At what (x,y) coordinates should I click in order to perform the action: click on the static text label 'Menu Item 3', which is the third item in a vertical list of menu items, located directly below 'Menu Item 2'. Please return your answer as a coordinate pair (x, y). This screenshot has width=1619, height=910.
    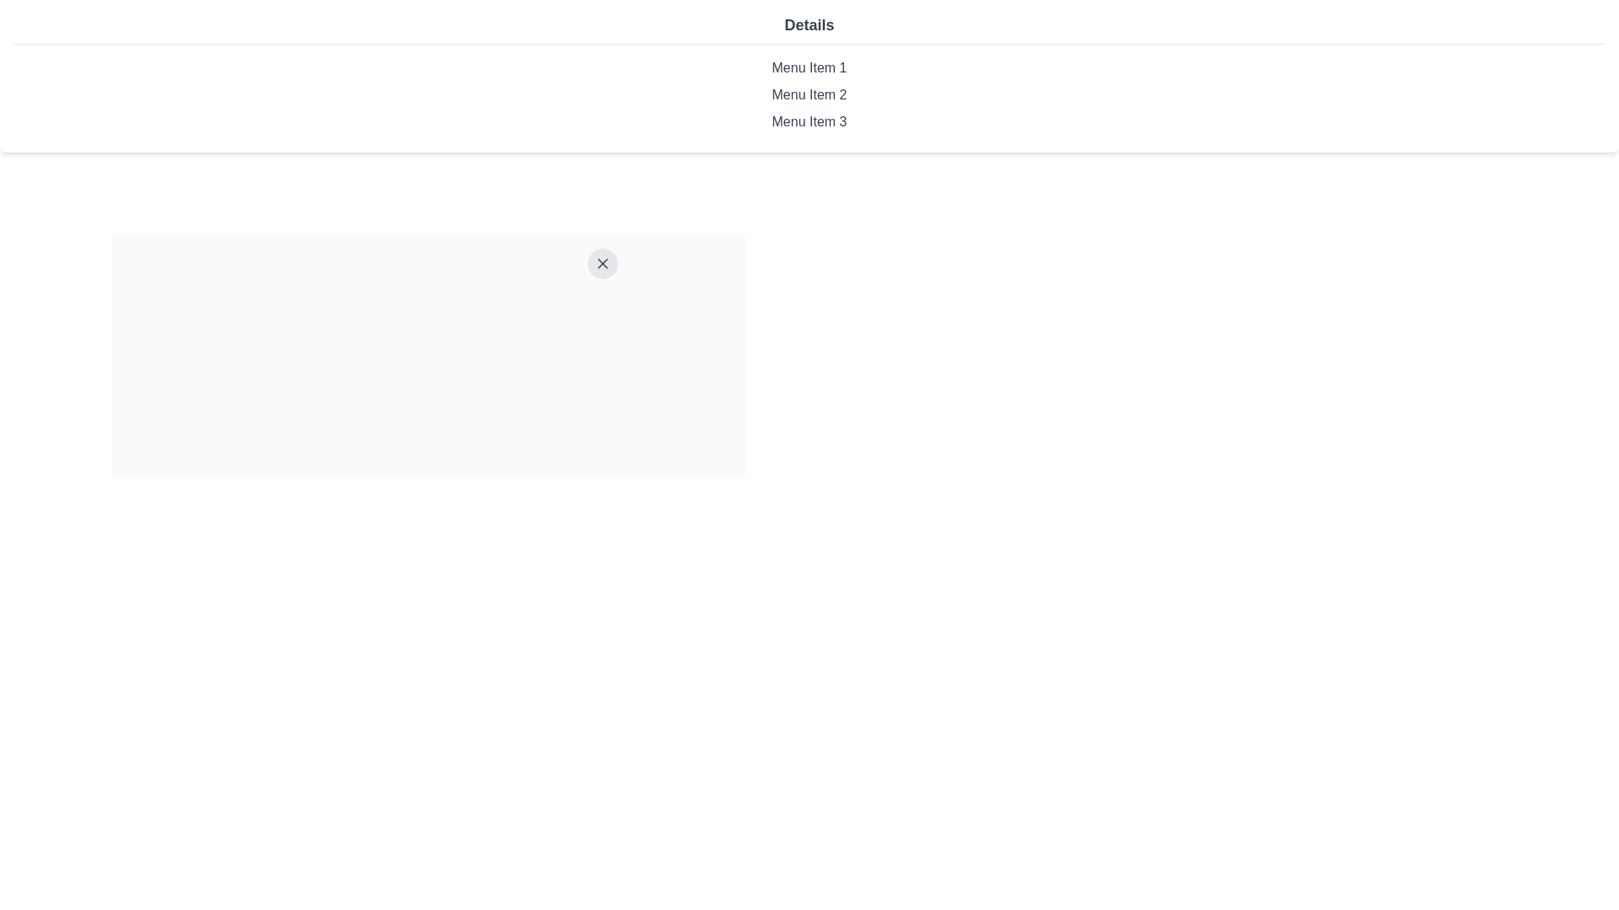
    Looking at the image, I should click on (809, 121).